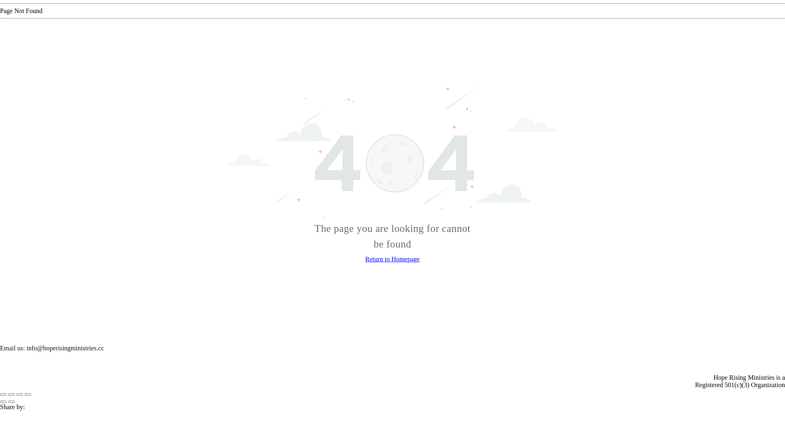 The image size is (785, 441). Describe the element at coordinates (8, 394) in the screenshot. I see `'Share'` at that location.